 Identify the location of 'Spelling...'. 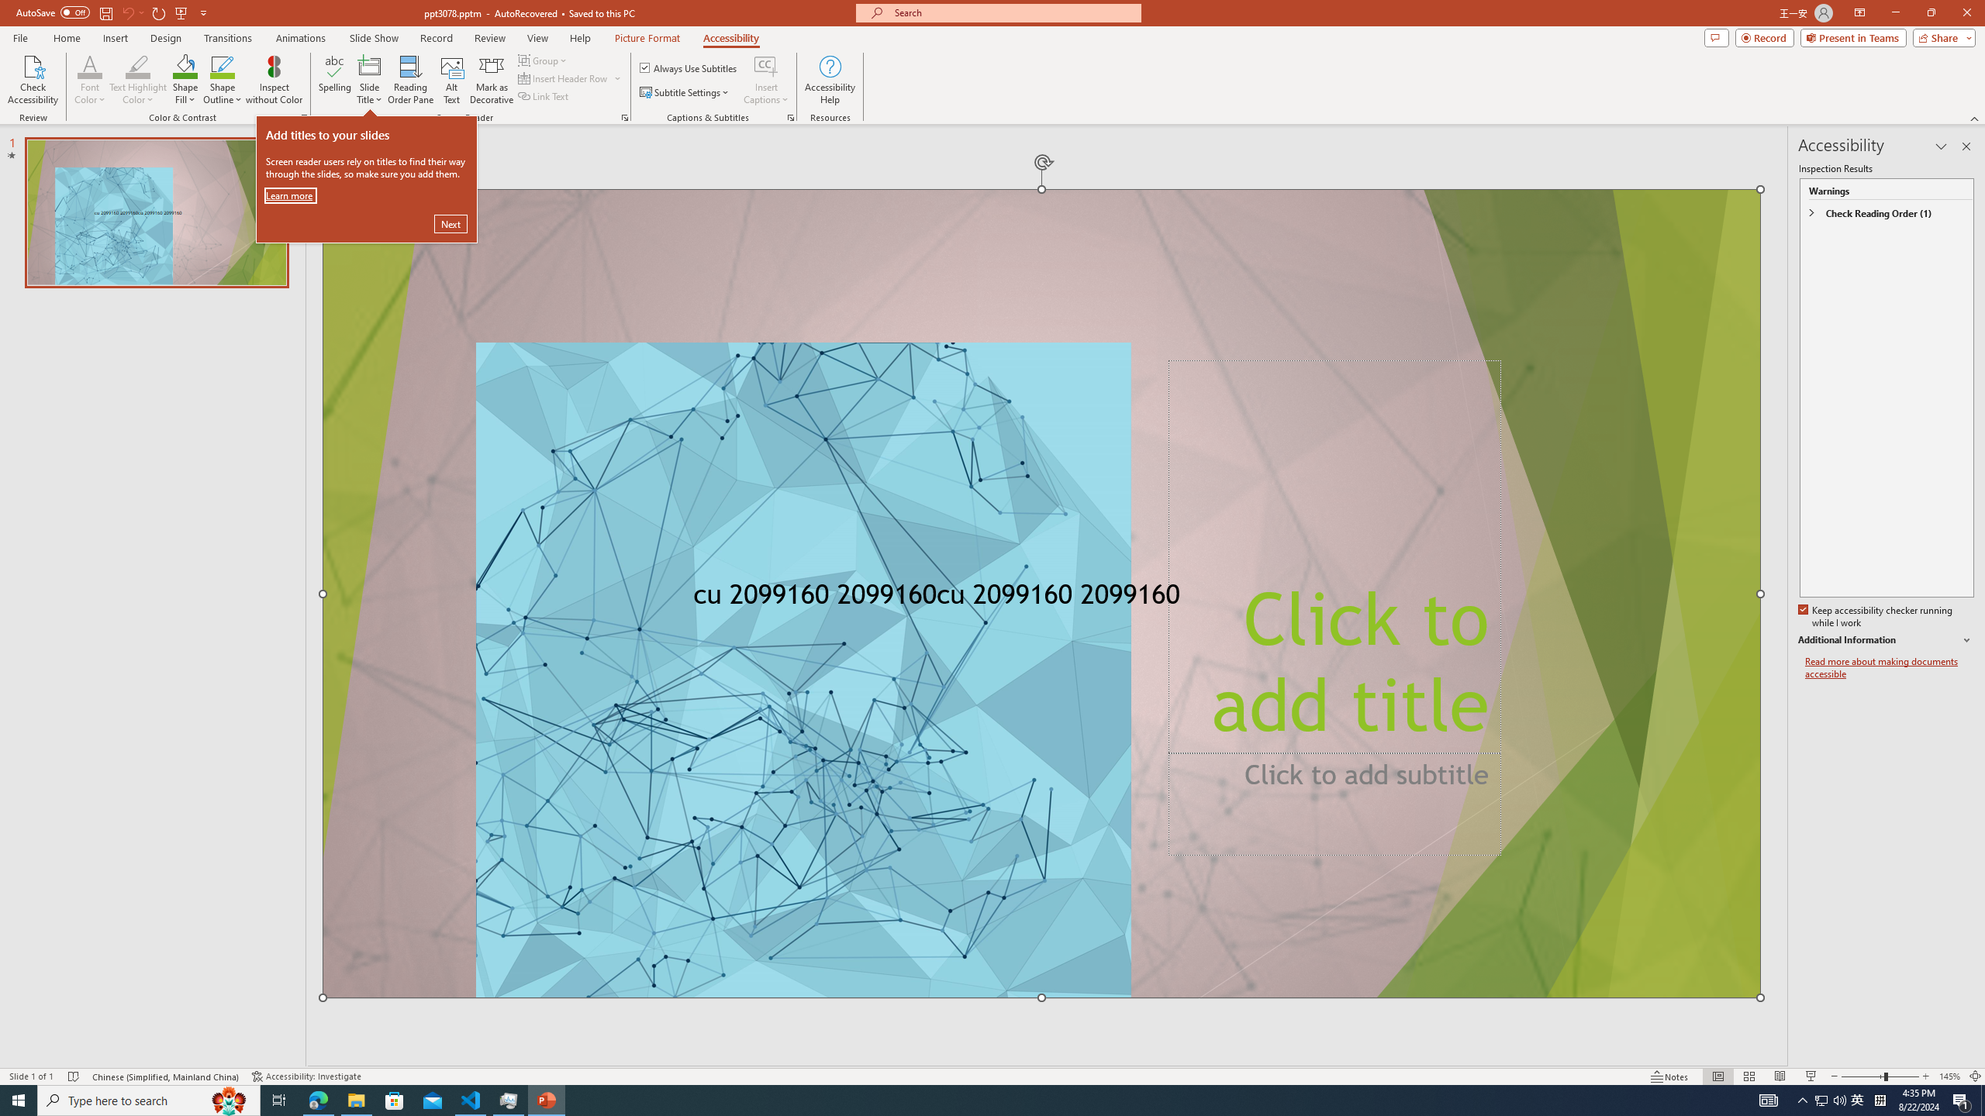
(335, 80).